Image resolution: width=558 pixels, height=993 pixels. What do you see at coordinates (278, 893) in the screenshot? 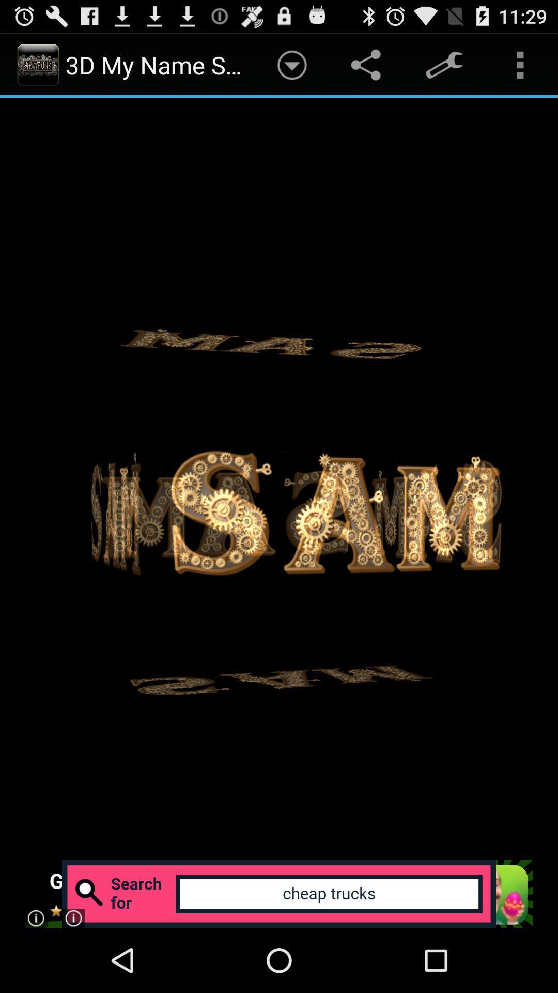
I see `expand add` at bounding box center [278, 893].